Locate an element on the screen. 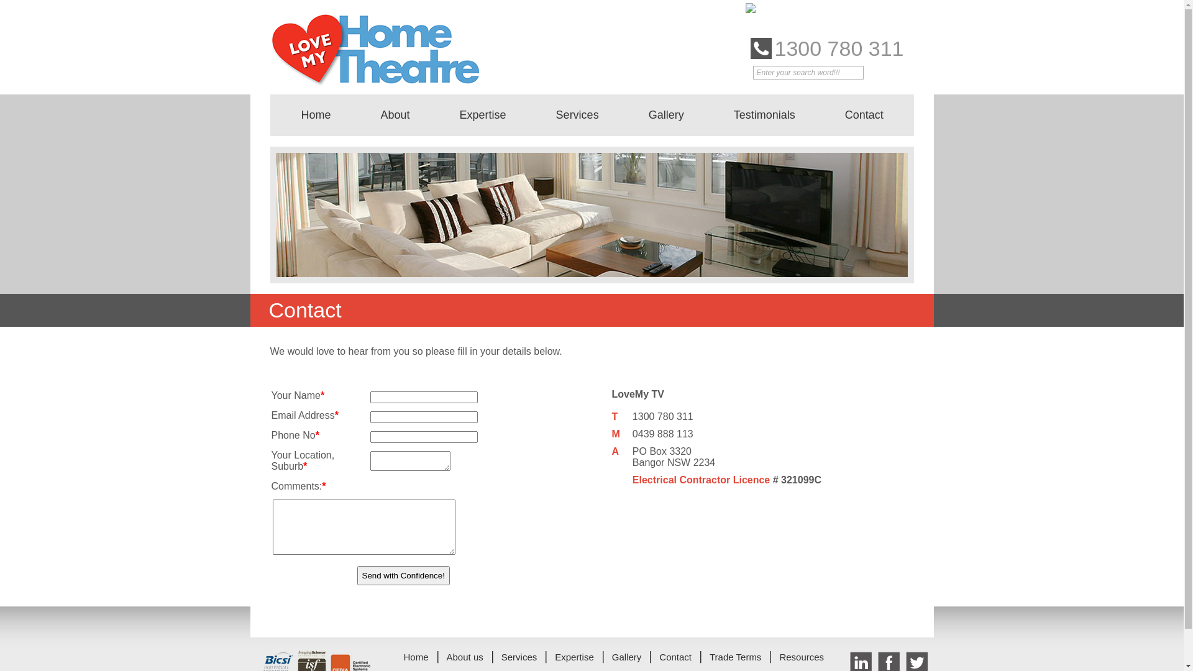  'About us' is located at coordinates (464, 656).